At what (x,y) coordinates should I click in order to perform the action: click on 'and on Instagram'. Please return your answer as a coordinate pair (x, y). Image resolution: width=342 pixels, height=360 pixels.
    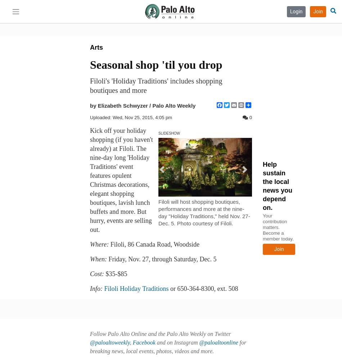
    Looking at the image, I should click on (177, 342).